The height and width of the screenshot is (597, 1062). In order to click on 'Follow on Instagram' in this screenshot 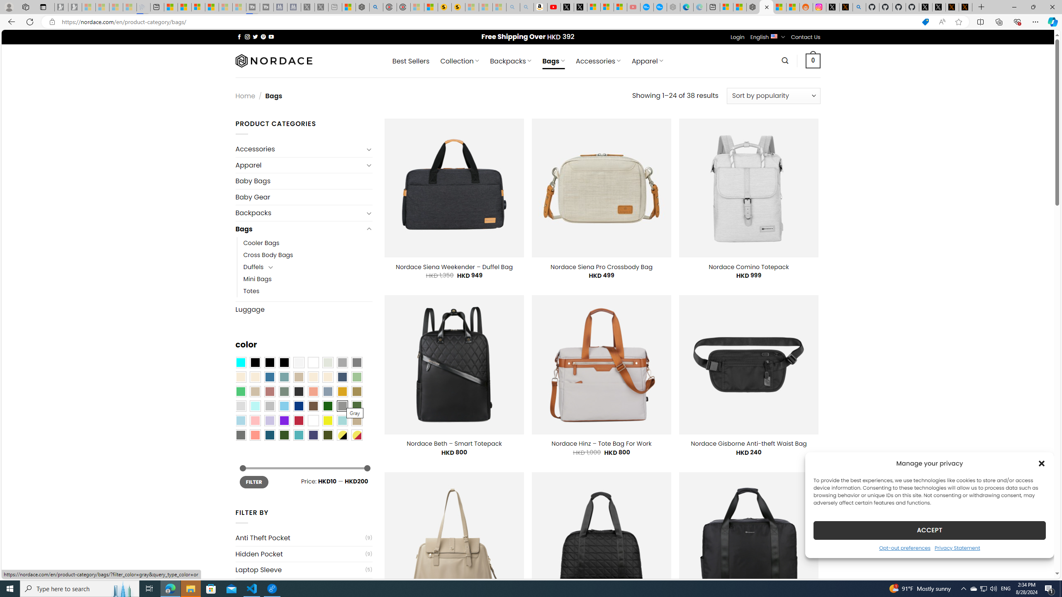, I will do `click(247, 36)`.